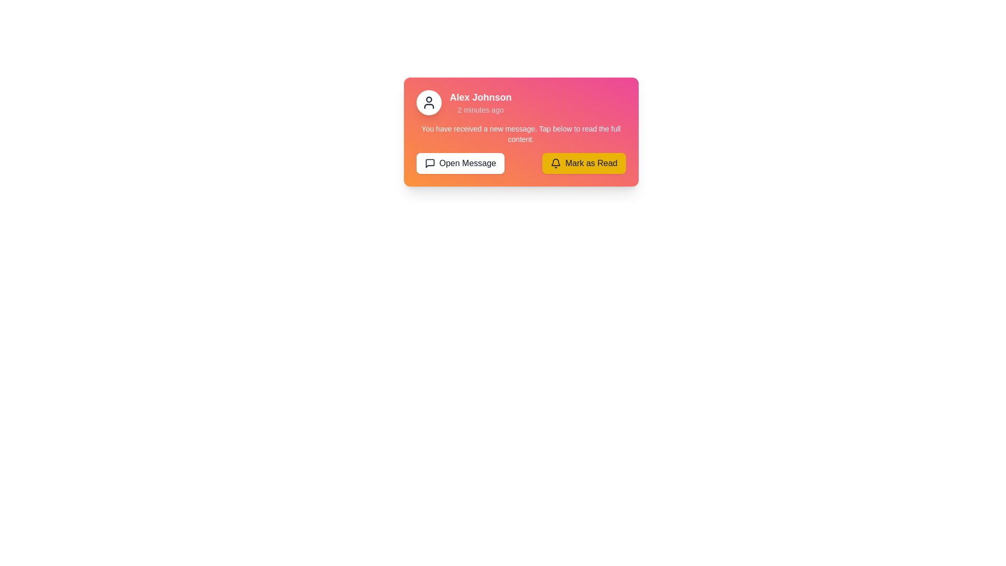  What do you see at coordinates (480, 97) in the screenshot?
I see `the sender's name displayed in the notification box, which is located near the top-left corner of the box, above the line '2 minutes ago'` at bounding box center [480, 97].